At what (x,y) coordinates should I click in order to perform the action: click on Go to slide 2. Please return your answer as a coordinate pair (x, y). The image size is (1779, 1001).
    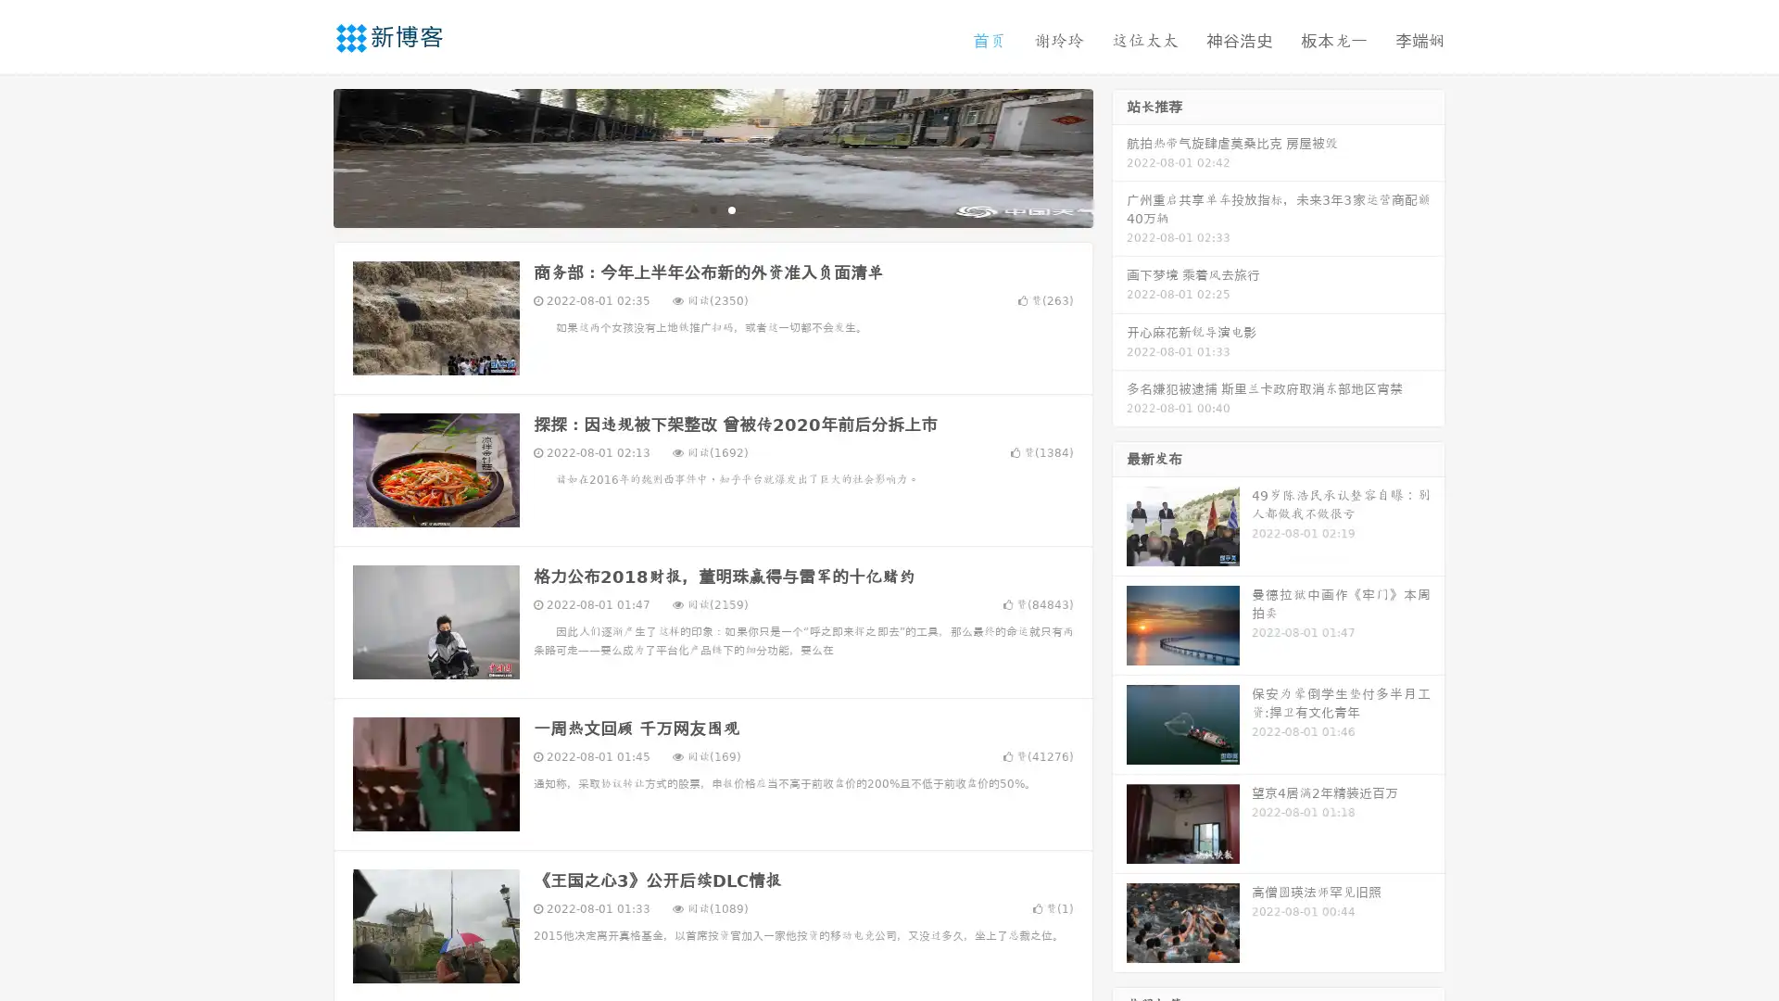
    Looking at the image, I should click on (712, 209).